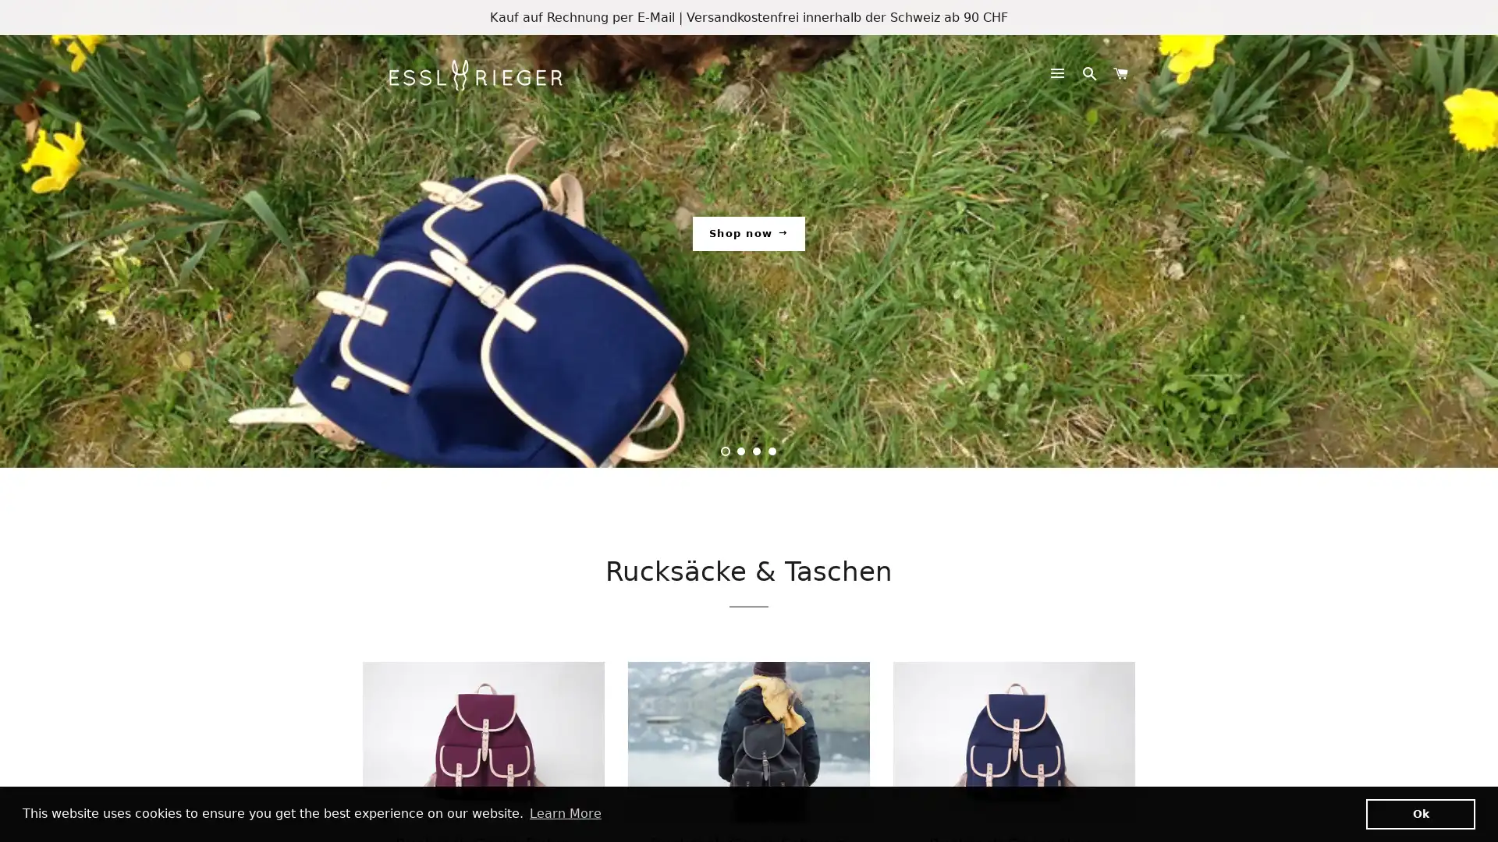 Image resolution: width=1498 pixels, height=842 pixels. Describe the element at coordinates (740, 823) in the screenshot. I see `2` at that location.